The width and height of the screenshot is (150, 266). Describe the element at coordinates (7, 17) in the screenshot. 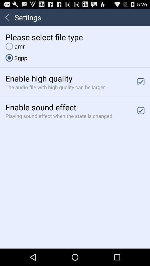

I see `icon to the left of the settings icon` at that location.